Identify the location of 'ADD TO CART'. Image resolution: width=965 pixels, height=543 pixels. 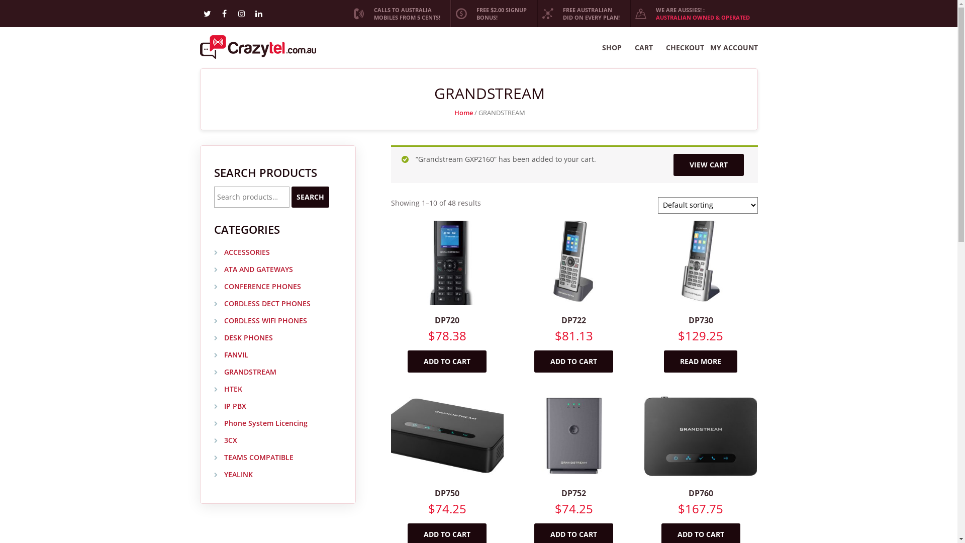
(446, 360).